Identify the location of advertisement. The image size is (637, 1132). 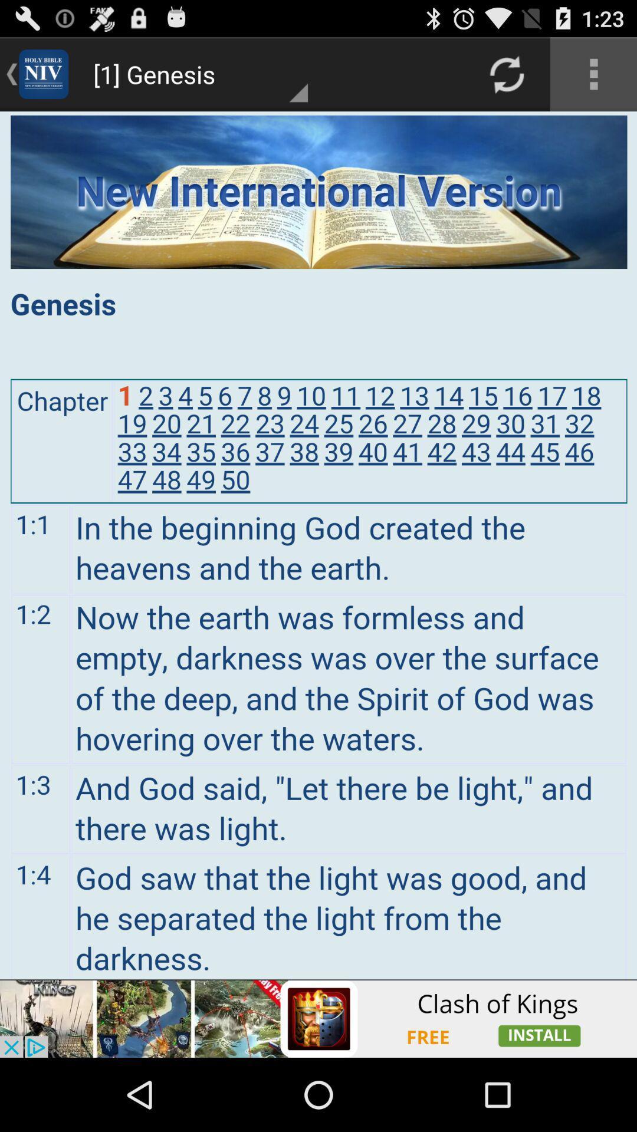
(318, 1018).